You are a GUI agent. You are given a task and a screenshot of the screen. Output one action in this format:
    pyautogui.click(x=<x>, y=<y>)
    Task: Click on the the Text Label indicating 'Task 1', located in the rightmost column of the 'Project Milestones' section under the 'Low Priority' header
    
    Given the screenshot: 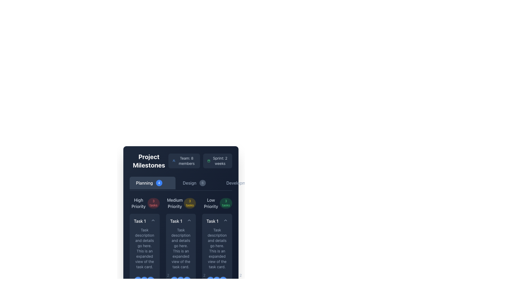 What is the action you would take?
    pyautogui.click(x=212, y=221)
    